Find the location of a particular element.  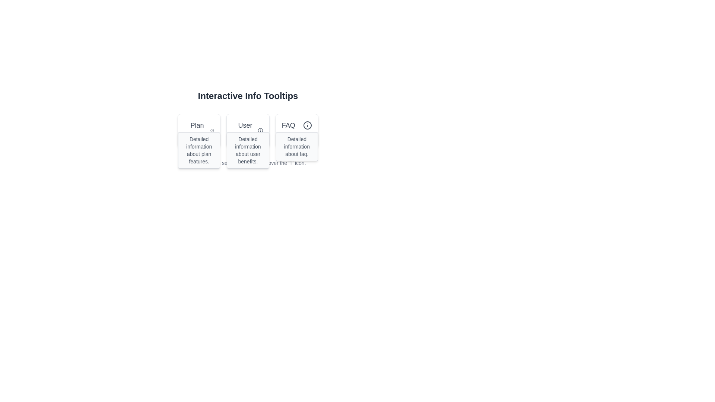

the text display that reads 'Detailed information about faq.', which is styled in a lighter shade of gray and located directly below the 'FAQ' header in the third card from the left is located at coordinates (296, 146).